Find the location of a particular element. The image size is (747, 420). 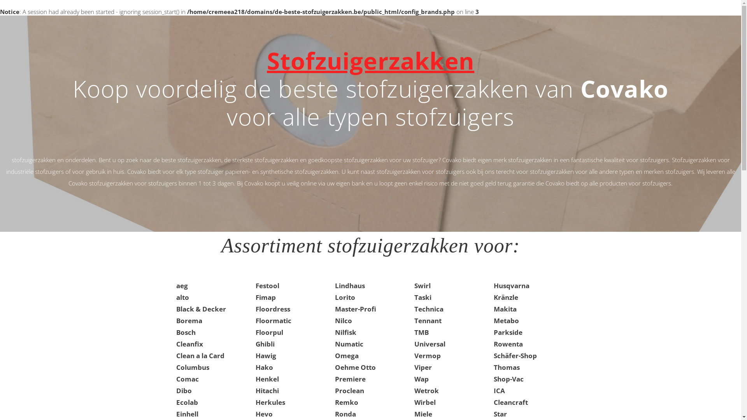

'Floorpul' is located at coordinates (269, 332).